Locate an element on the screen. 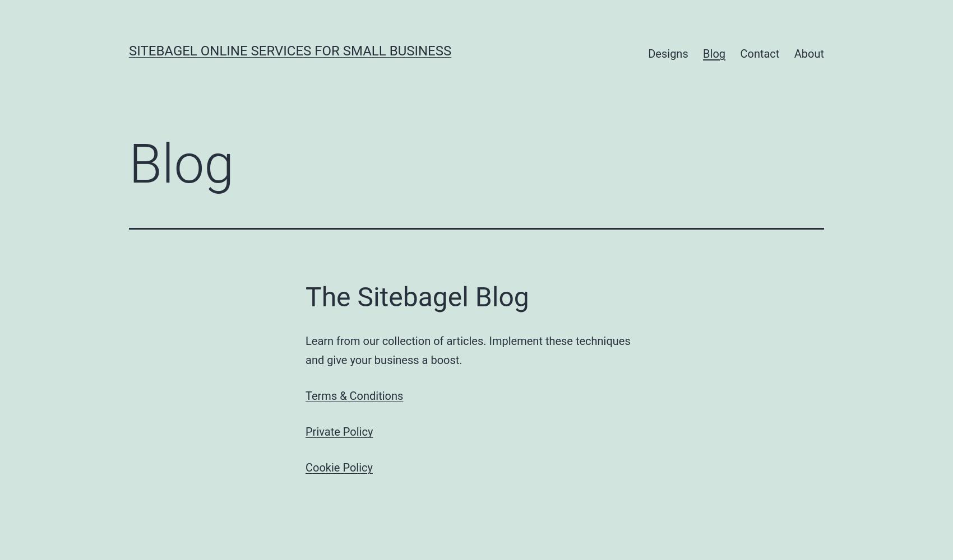 This screenshot has width=953, height=560. 'Designs' is located at coordinates (667, 53).